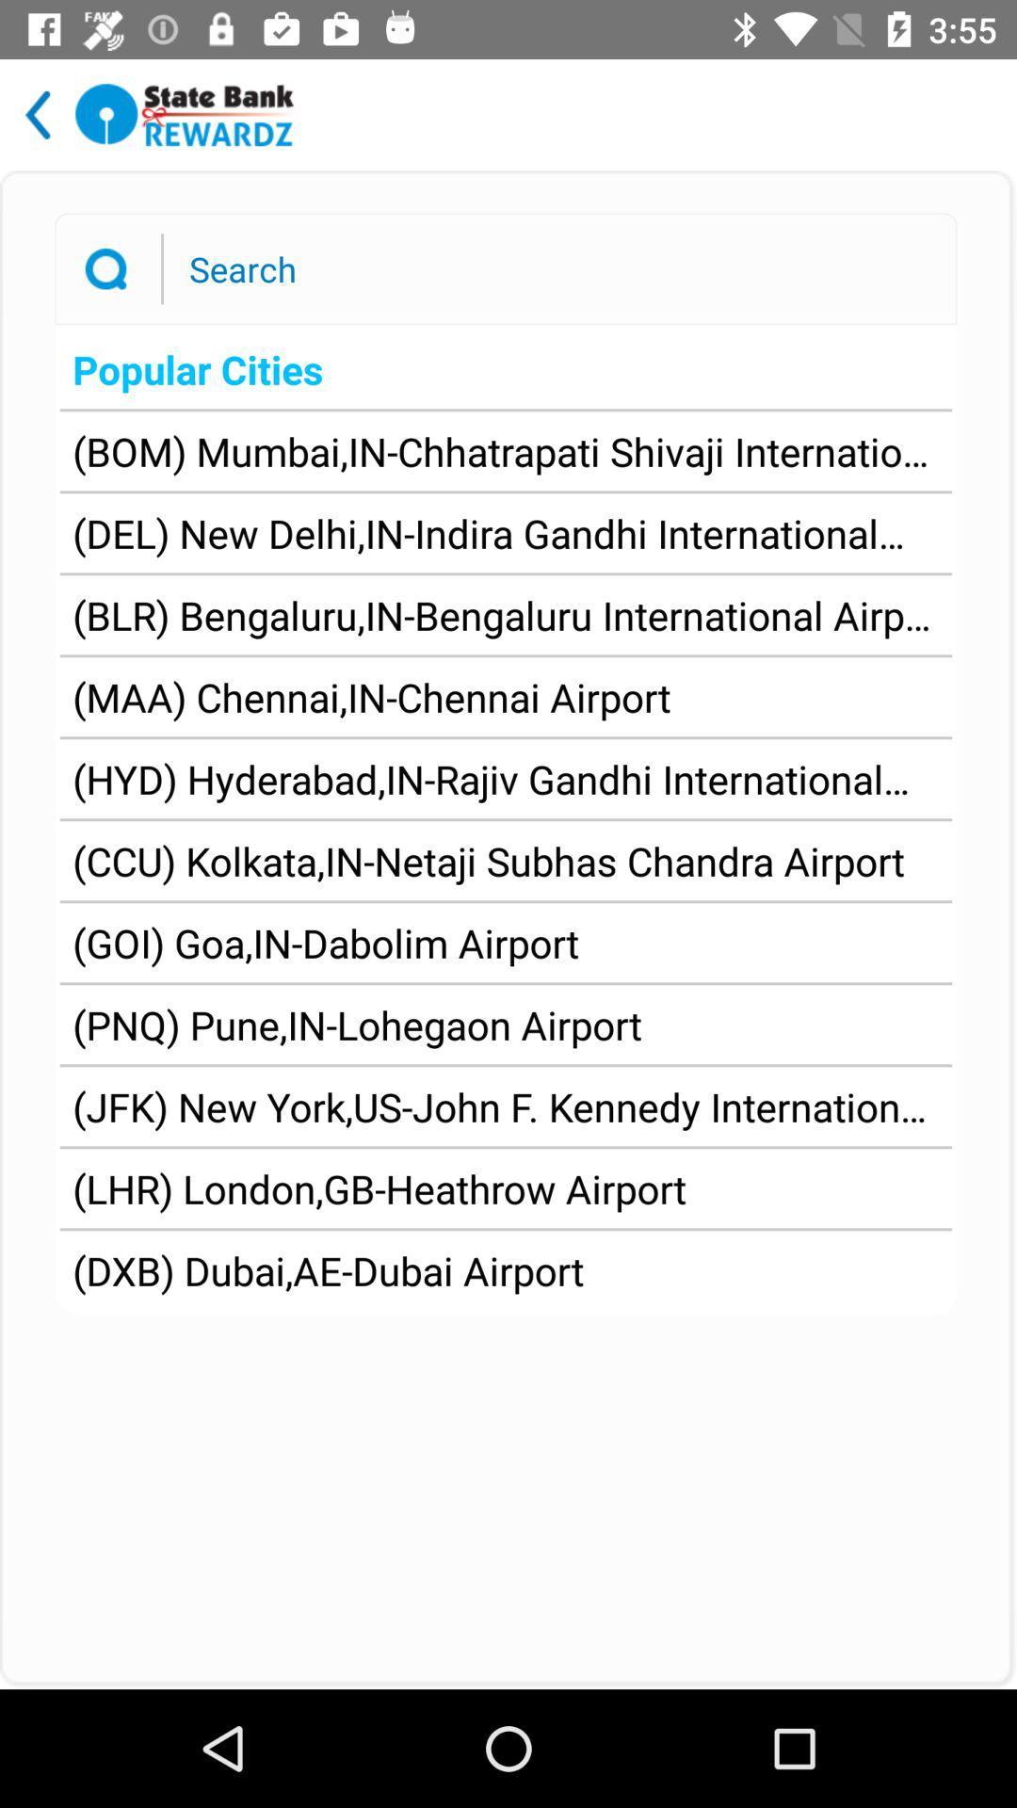 The image size is (1017, 1808). I want to click on app below jfk new york app, so click(379, 1187).